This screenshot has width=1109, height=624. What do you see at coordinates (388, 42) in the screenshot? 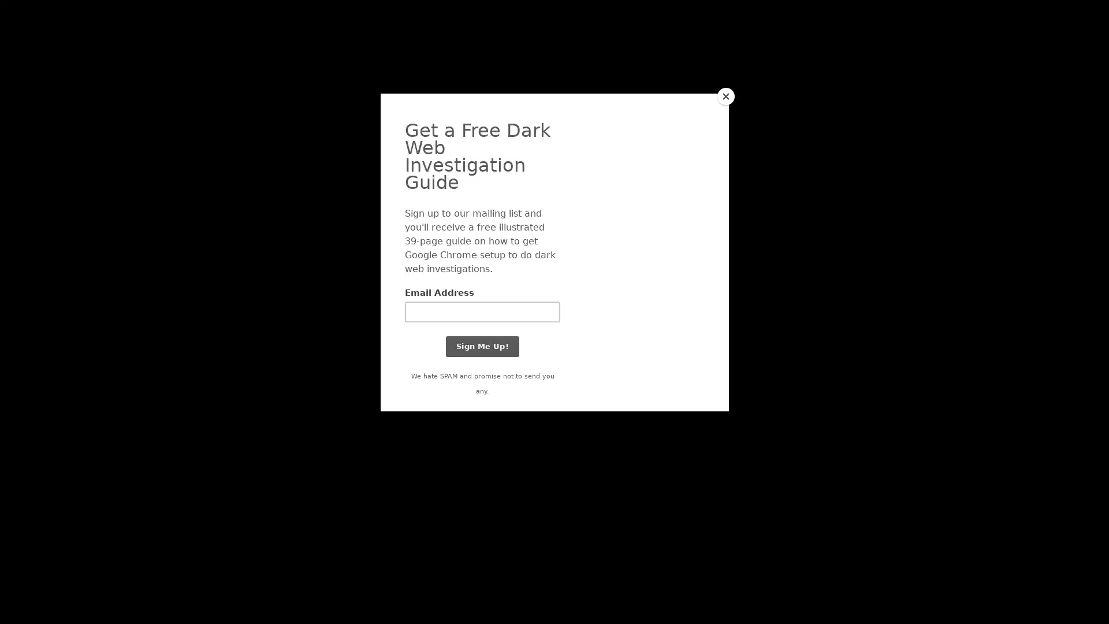
I see `Your Industry` at bounding box center [388, 42].